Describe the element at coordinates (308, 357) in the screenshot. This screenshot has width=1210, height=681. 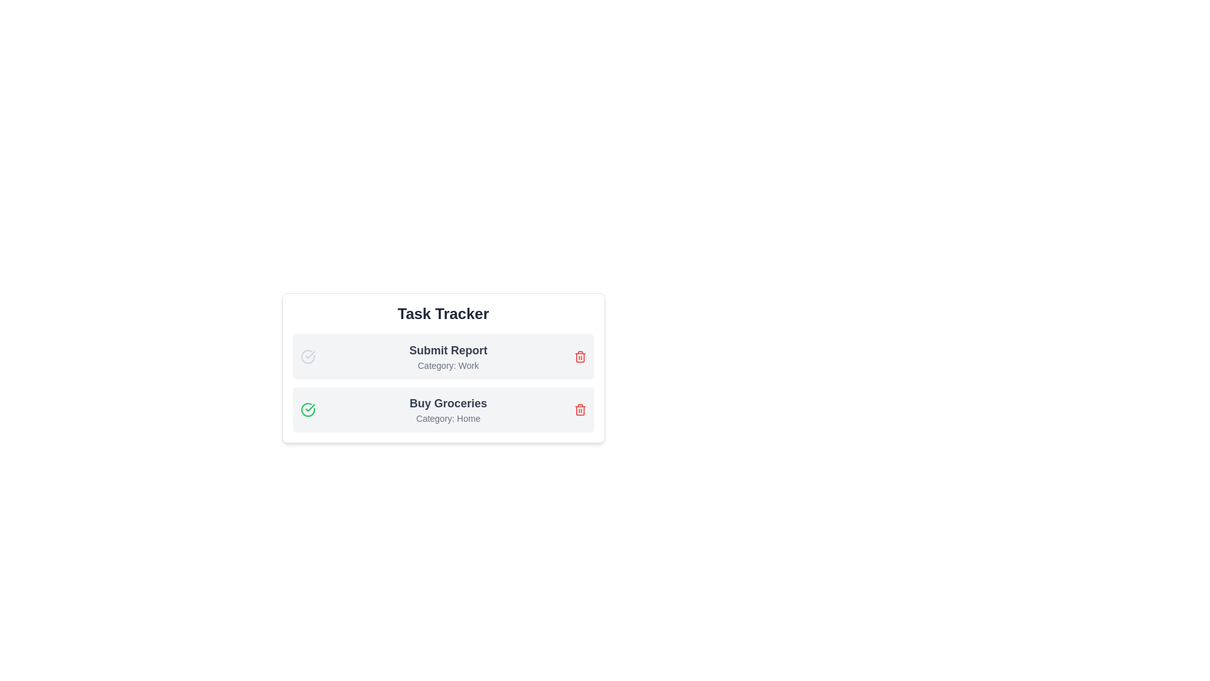
I see `the checkmark icon to toggle the completion status of the task 1` at that location.